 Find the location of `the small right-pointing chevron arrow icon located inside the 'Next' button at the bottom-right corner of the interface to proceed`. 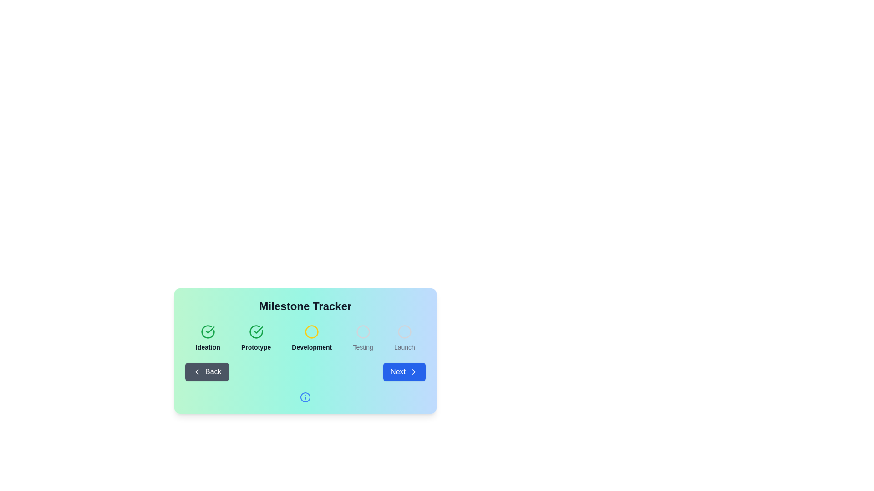

the small right-pointing chevron arrow icon located inside the 'Next' button at the bottom-right corner of the interface to proceed is located at coordinates (413, 371).